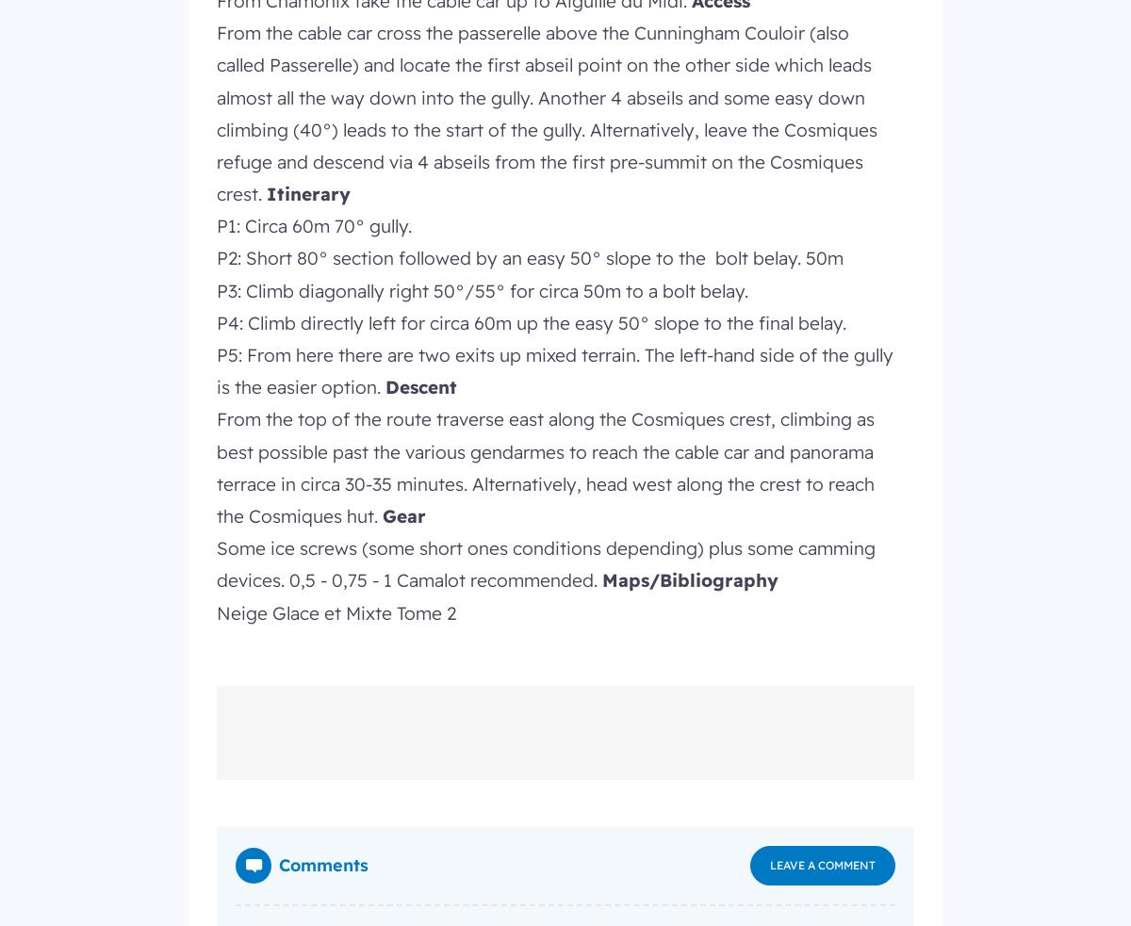 The width and height of the screenshot is (1131, 926). Describe the element at coordinates (313, 264) in the screenshot. I see `'Registro Imprese di Padova n.318412'` at that location.